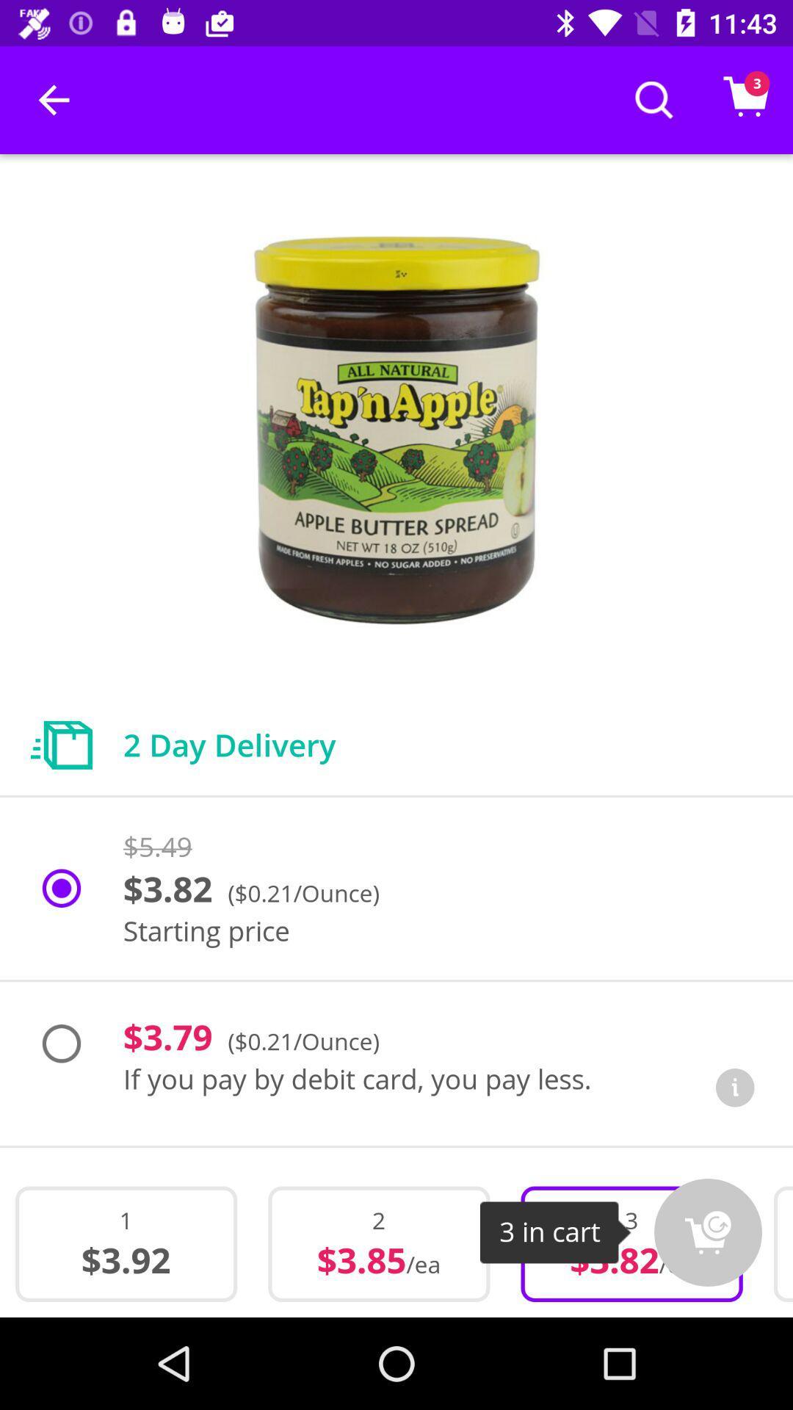  I want to click on icon to the right of if you pay icon, so click(735, 1088).